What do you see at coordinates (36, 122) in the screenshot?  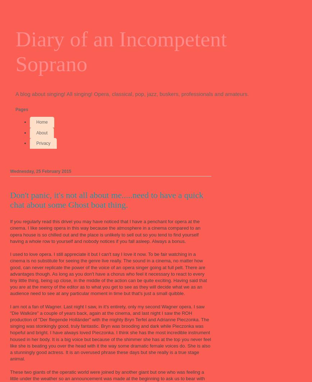 I see `'Home'` at bounding box center [36, 122].